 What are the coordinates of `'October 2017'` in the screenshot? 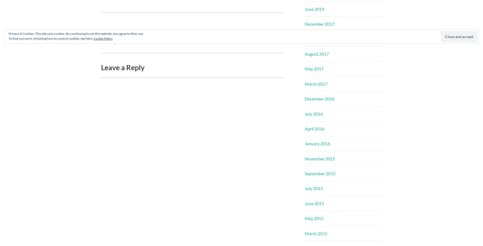 It's located at (304, 39).